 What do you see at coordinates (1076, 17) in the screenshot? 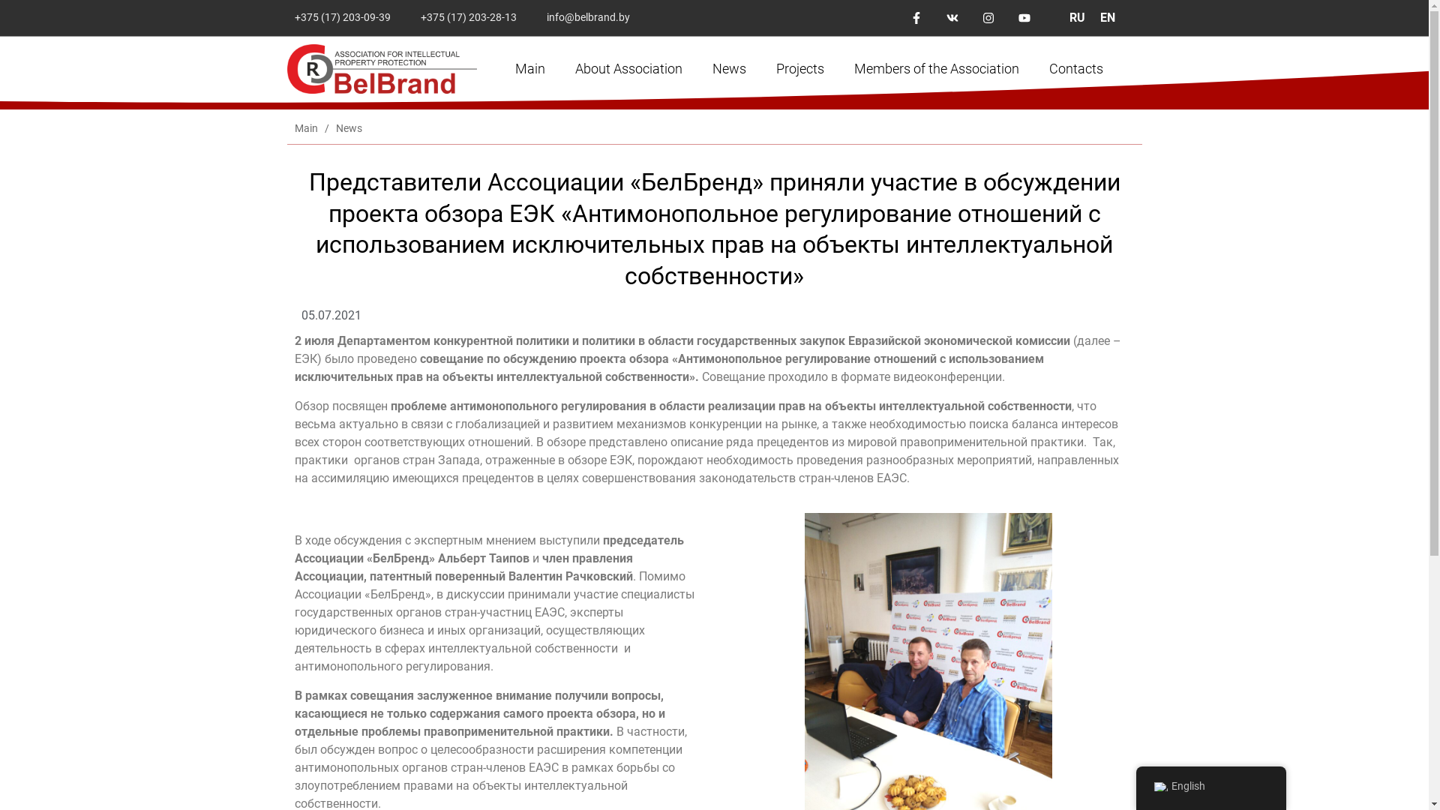
I see `'RU'` at bounding box center [1076, 17].